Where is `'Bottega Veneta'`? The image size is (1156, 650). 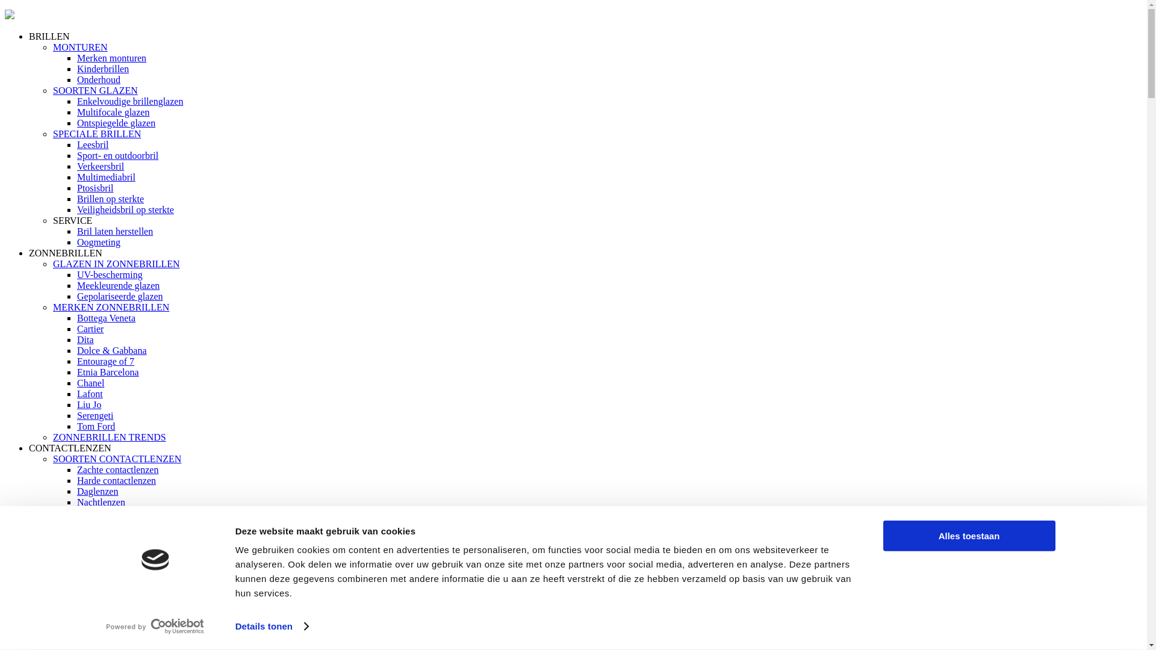 'Bottega Veneta' is located at coordinates (106, 317).